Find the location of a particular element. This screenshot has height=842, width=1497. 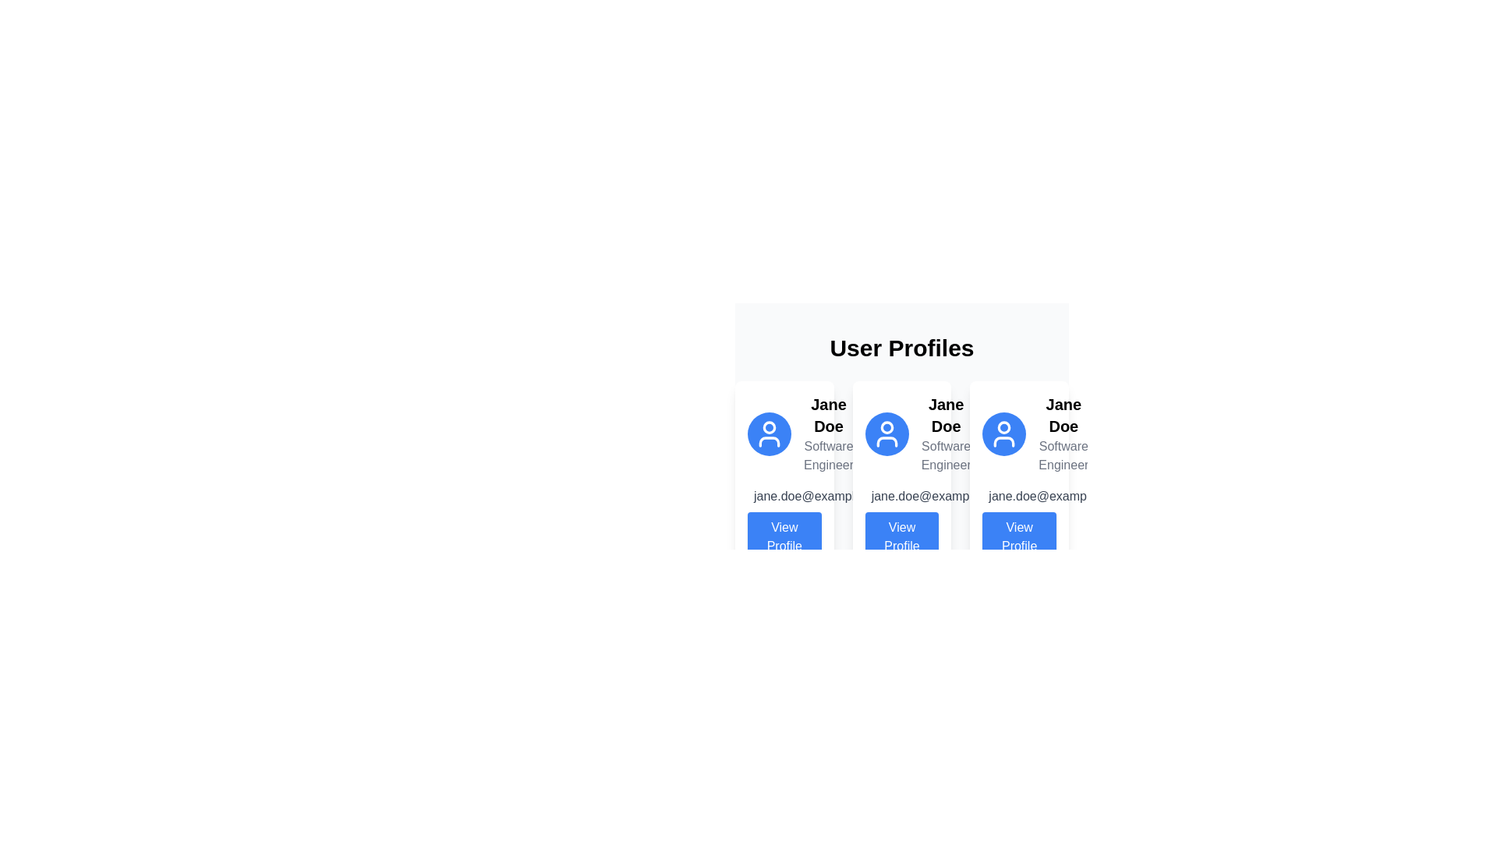

text content of the user profile title label located at the top-right corner of the fourth profile card, which is above the text 'Software Engineer' is located at coordinates (1063, 414).